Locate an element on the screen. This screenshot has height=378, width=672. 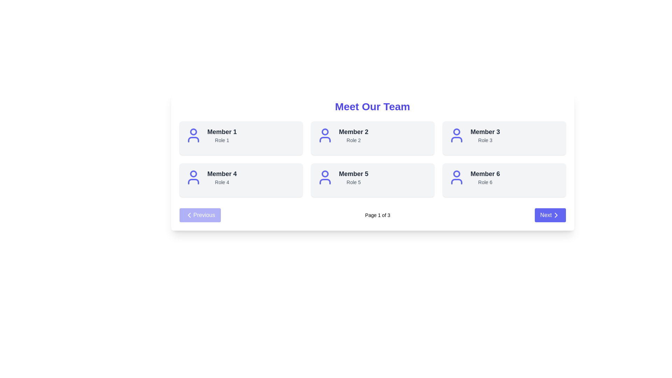
the user entry card component representing a team member in the top row, third column of a 3-column grid layout is located at coordinates (504, 138).